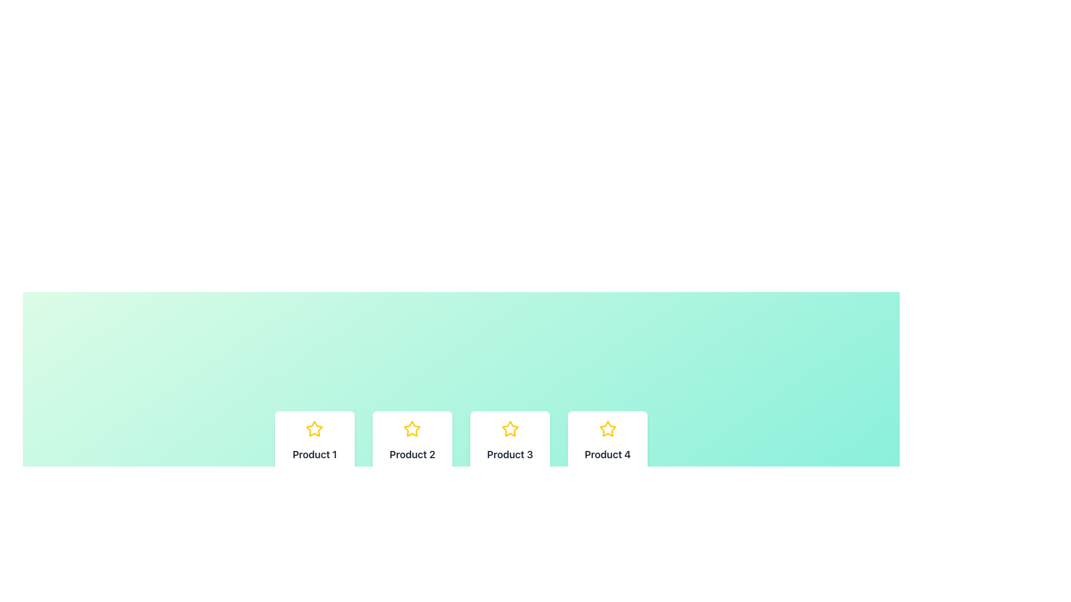 The image size is (1071, 602). What do you see at coordinates (509, 429) in the screenshot?
I see `the SVG graphic star shape rating icon for 'Product 3' located at the top-center section of its card by` at bounding box center [509, 429].